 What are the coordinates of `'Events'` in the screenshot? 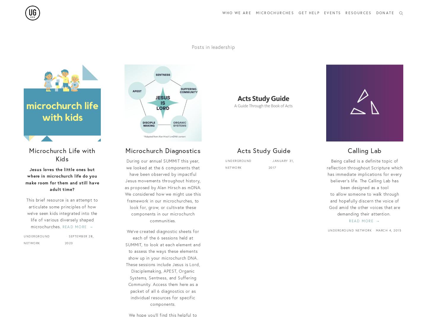 It's located at (332, 12).